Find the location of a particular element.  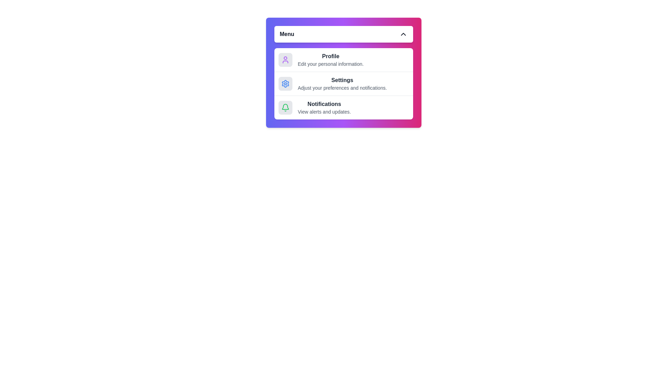

the menu item Profile is located at coordinates (343, 60).